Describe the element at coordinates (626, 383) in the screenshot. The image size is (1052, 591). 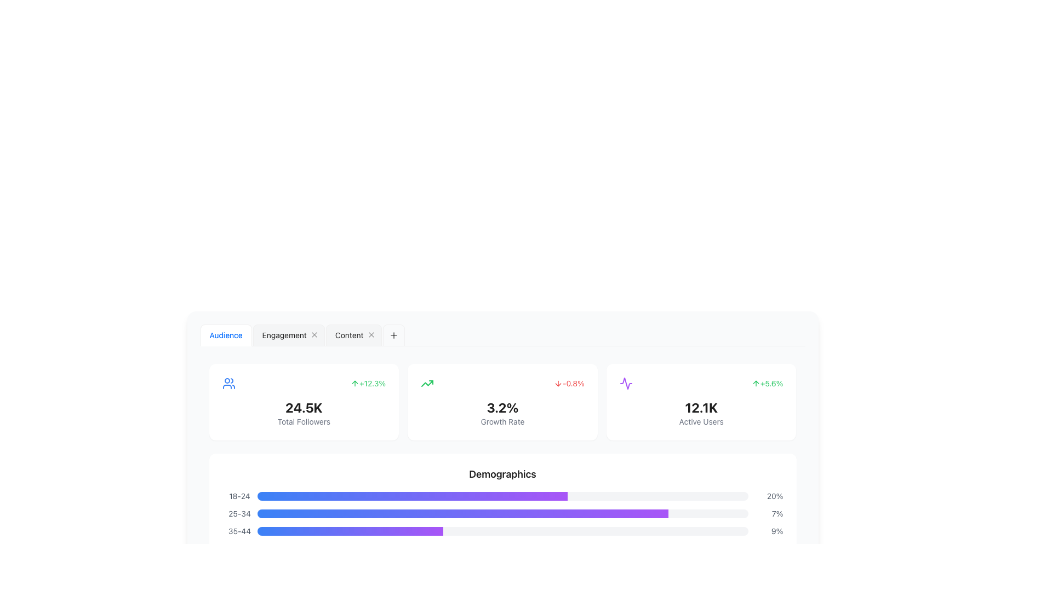
I see `wave-like styled purple icon located at the top-right corner of the fourth card in the grid of numerical metrics` at that location.